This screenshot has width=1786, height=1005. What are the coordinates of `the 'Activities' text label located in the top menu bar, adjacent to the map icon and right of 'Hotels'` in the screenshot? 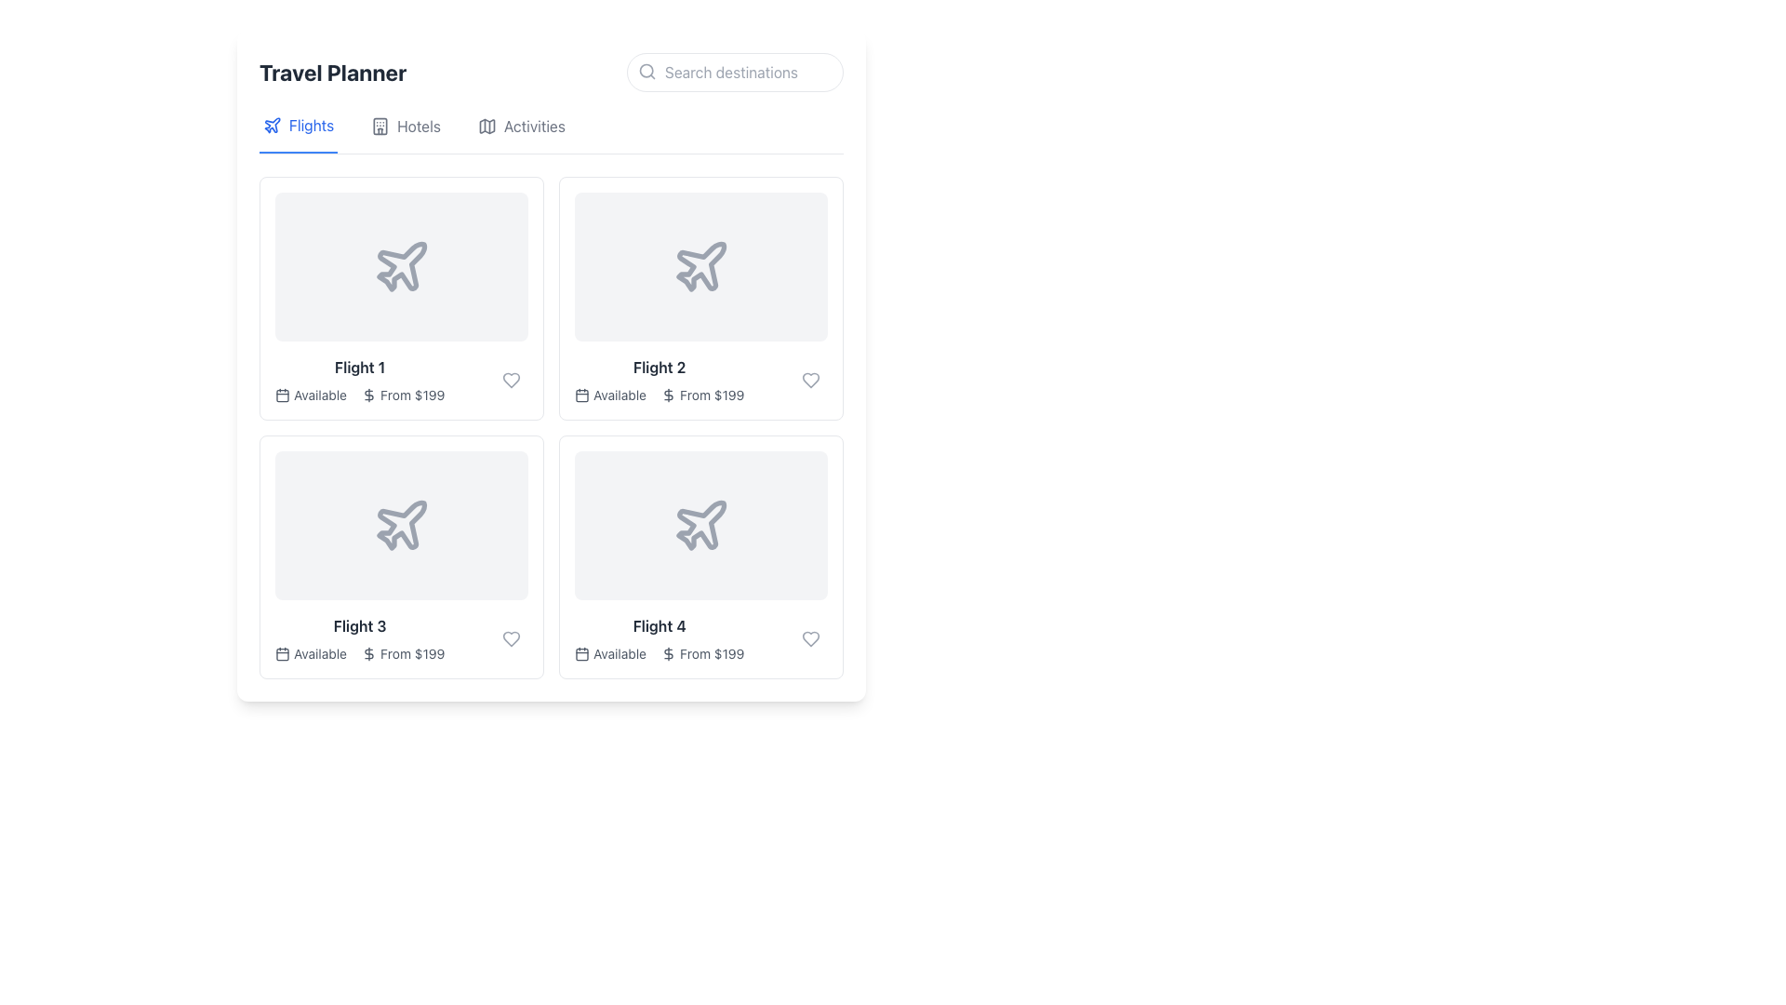 It's located at (533, 126).